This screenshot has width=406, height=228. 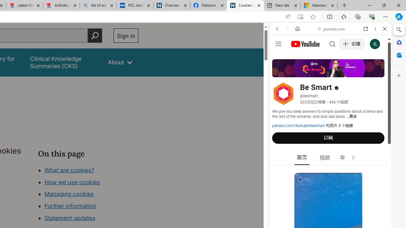 What do you see at coordinates (120, 62) in the screenshot?
I see `'About'` at bounding box center [120, 62].